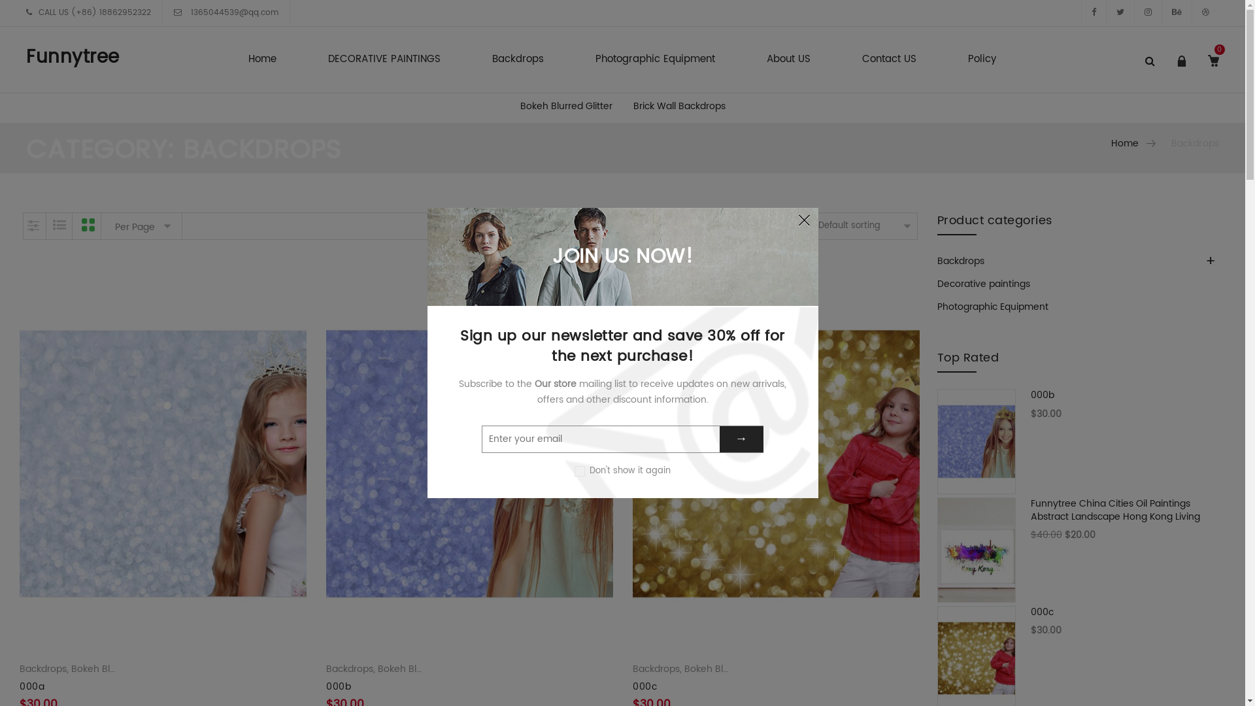 Image resolution: width=1255 pixels, height=706 pixels. I want to click on 'About US', so click(788, 60).